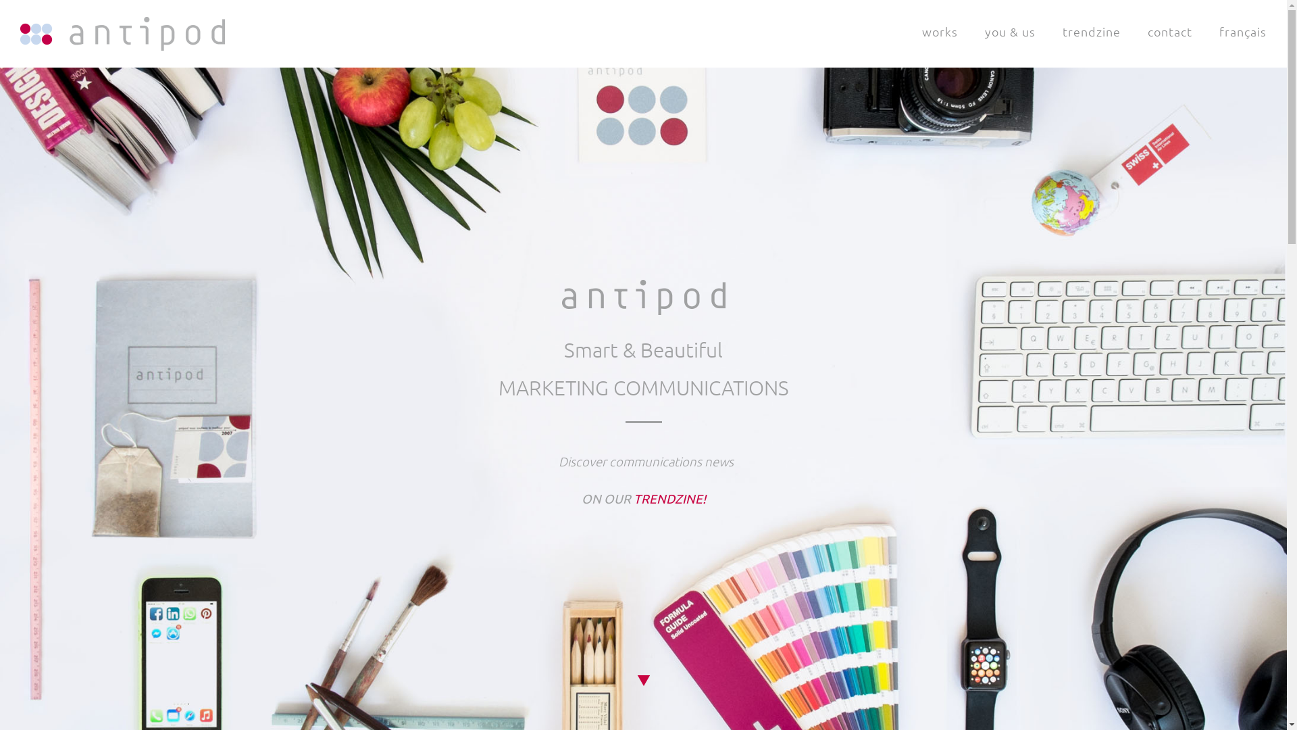  Describe the element at coordinates (939, 30) in the screenshot. I see `'works'` at that location.